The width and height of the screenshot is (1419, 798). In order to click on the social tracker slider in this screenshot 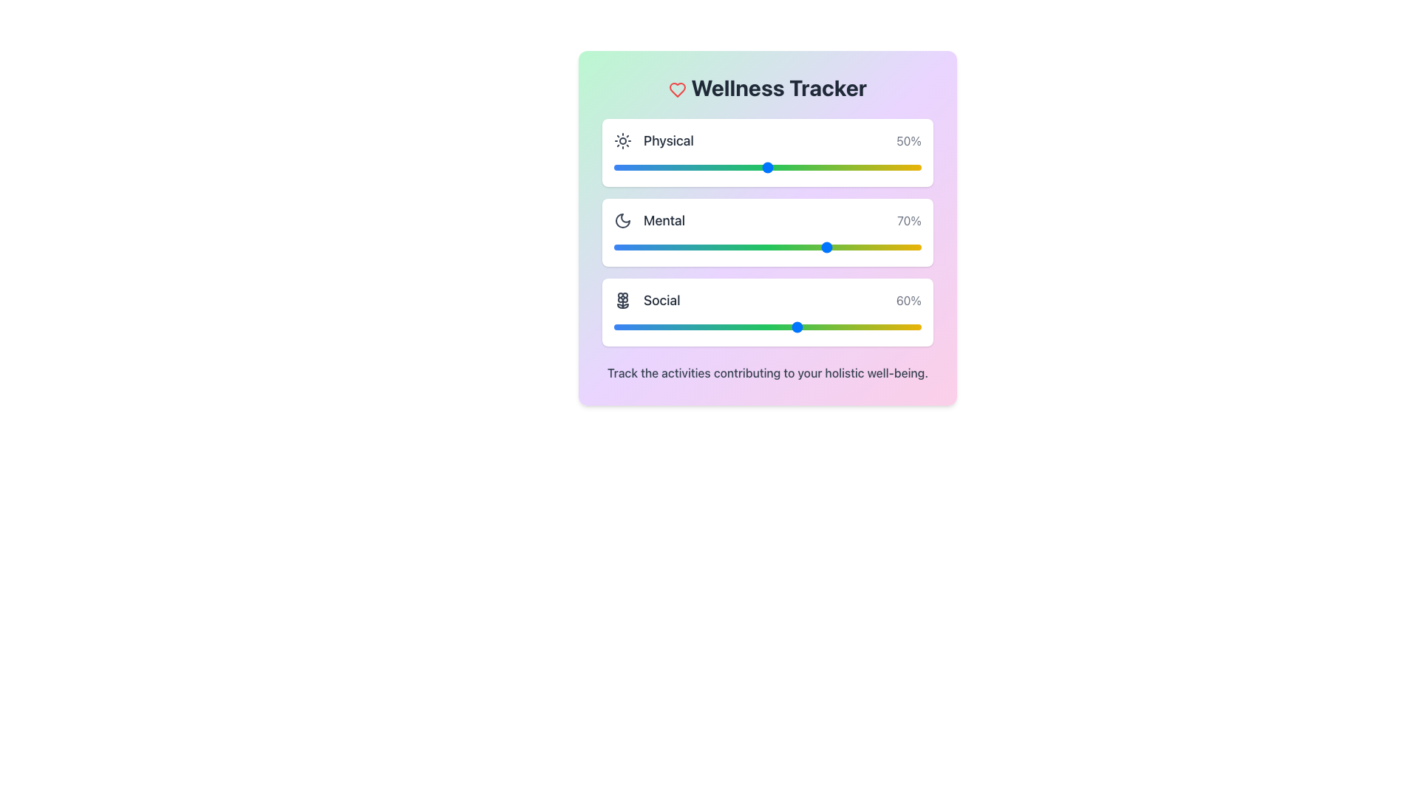, I will do `click(857, 327)`.